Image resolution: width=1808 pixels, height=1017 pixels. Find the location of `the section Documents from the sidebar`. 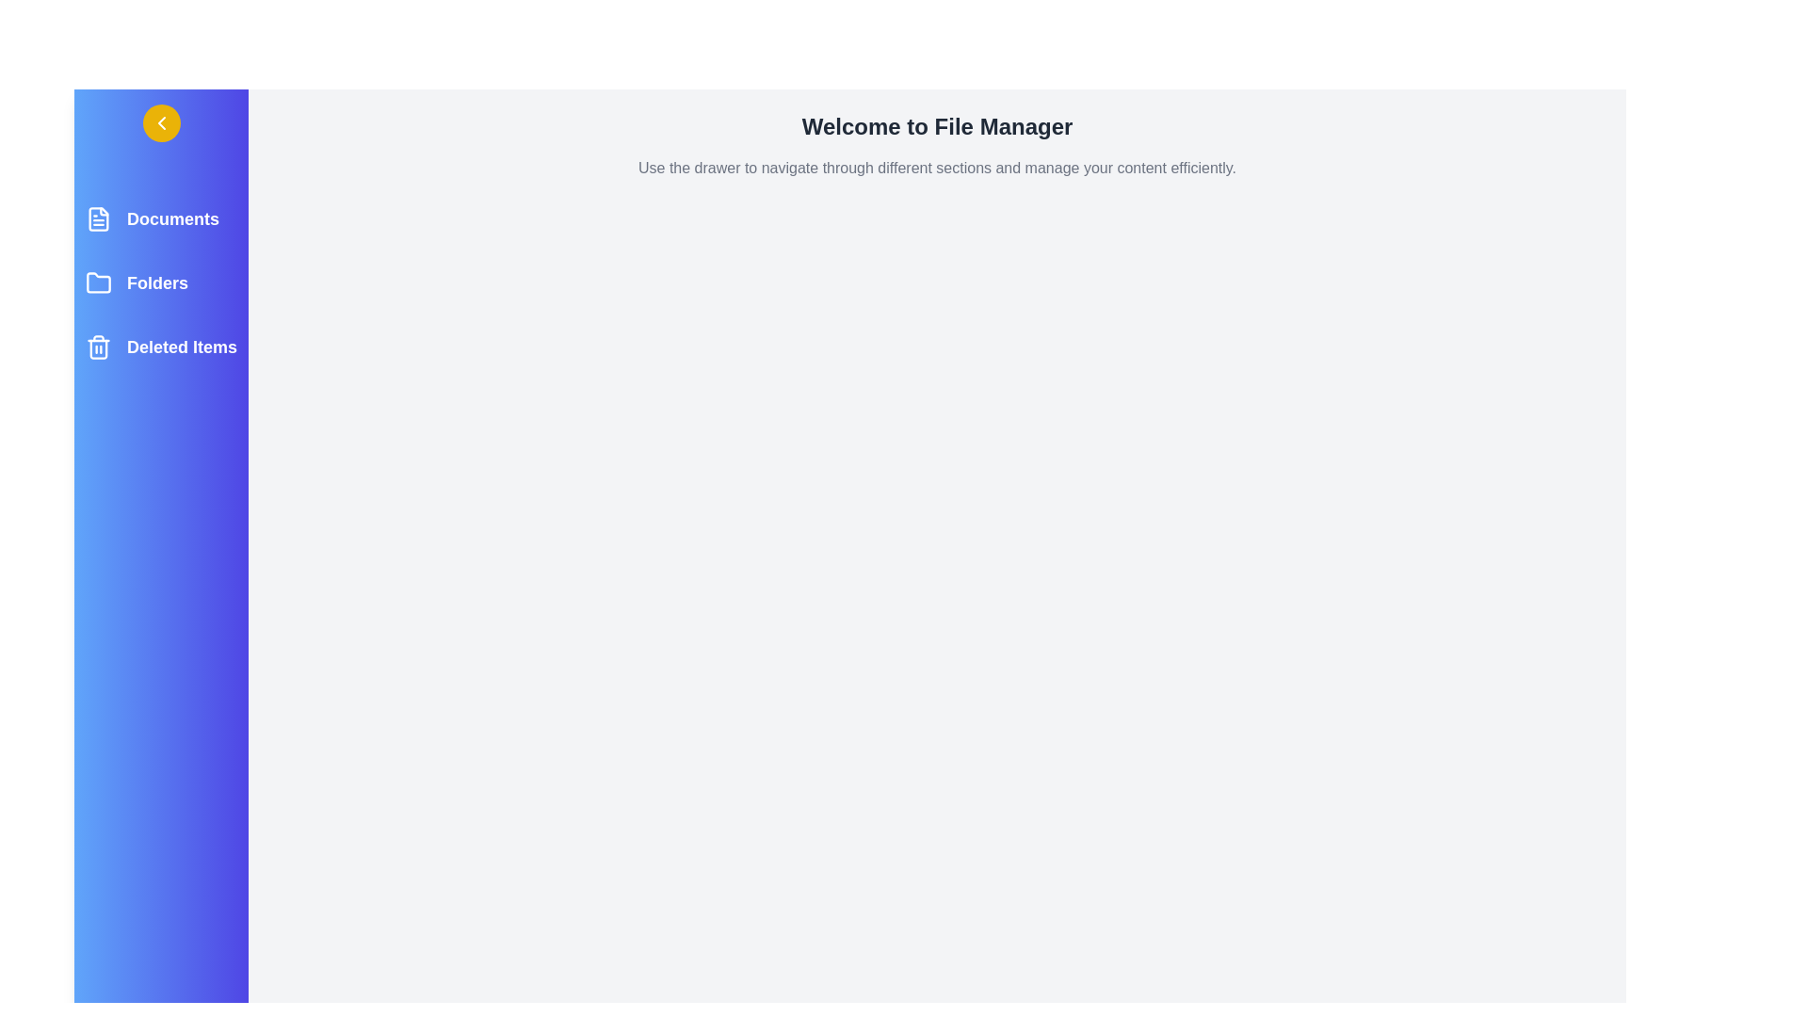

the section Documents from the sidebar is located at coordinates (161, 218).